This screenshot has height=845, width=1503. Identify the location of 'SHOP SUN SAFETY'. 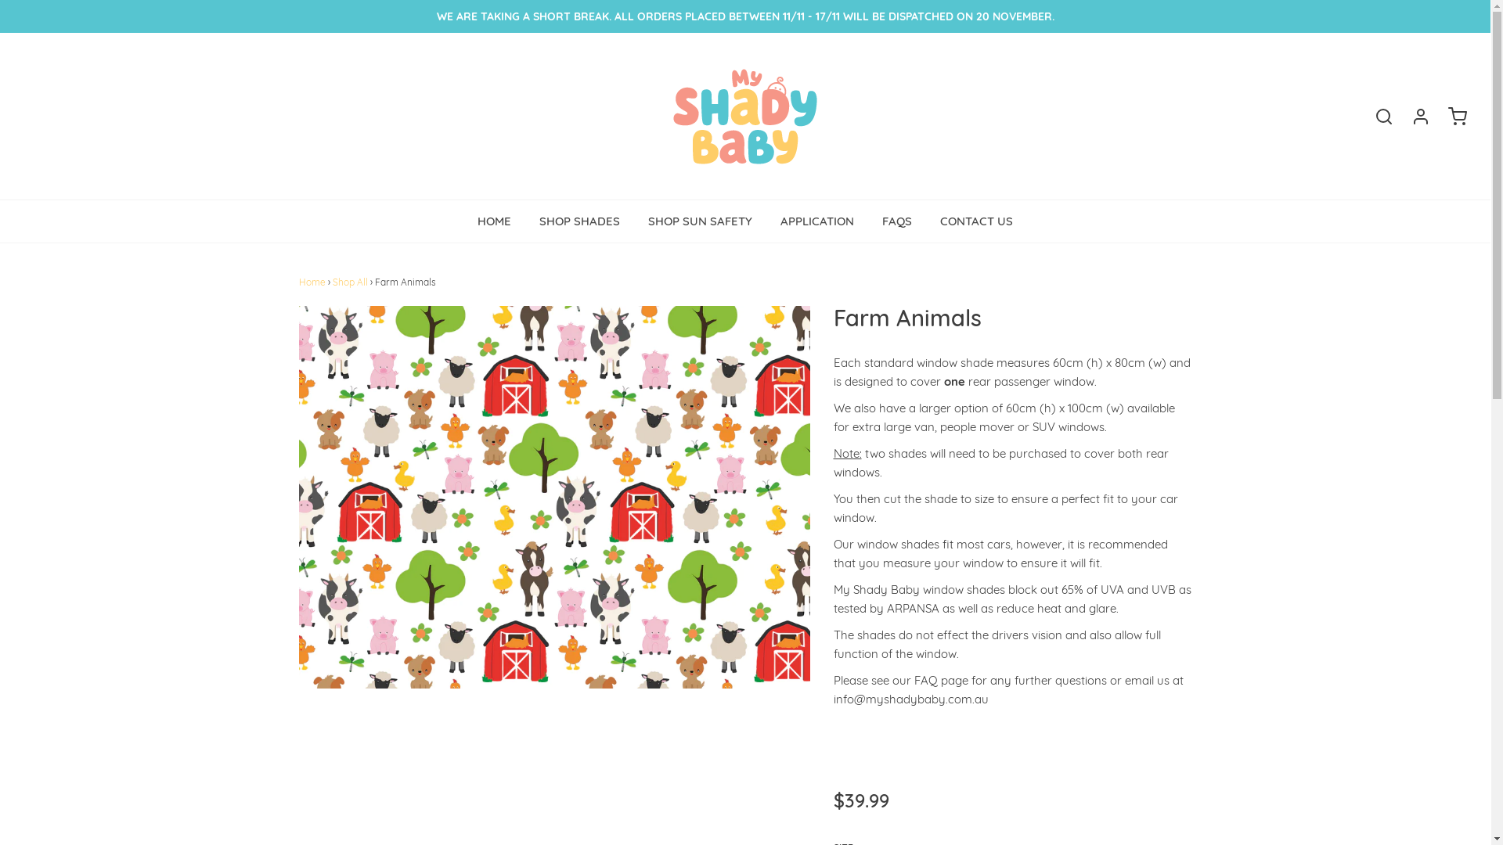
(699, 221).